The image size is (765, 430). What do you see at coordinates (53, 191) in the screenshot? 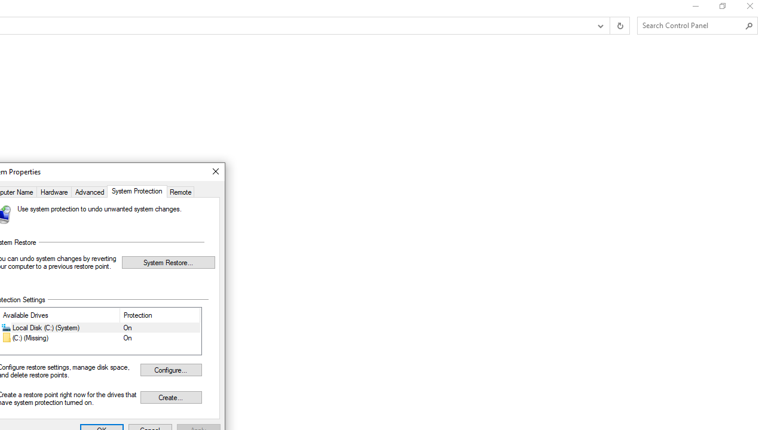
I see `'Hardware'` at bounding box center [53, 191].